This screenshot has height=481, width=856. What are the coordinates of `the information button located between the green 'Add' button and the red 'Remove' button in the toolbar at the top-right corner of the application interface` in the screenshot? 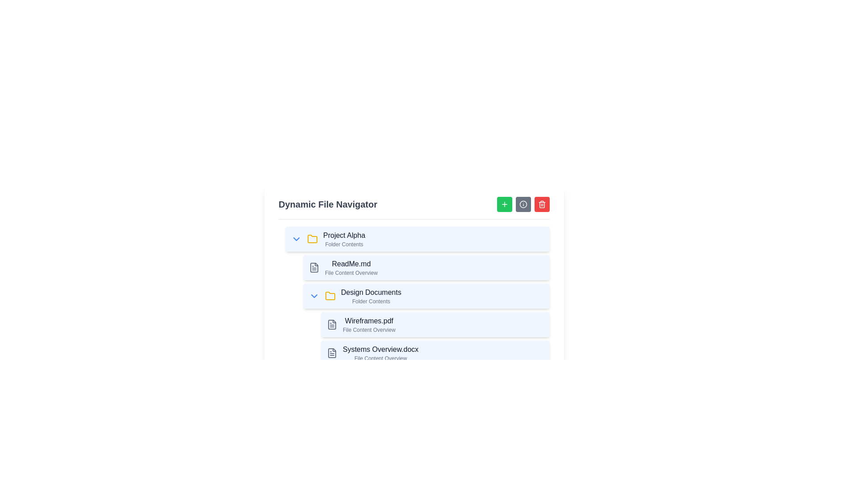 It's located at (523, 204).